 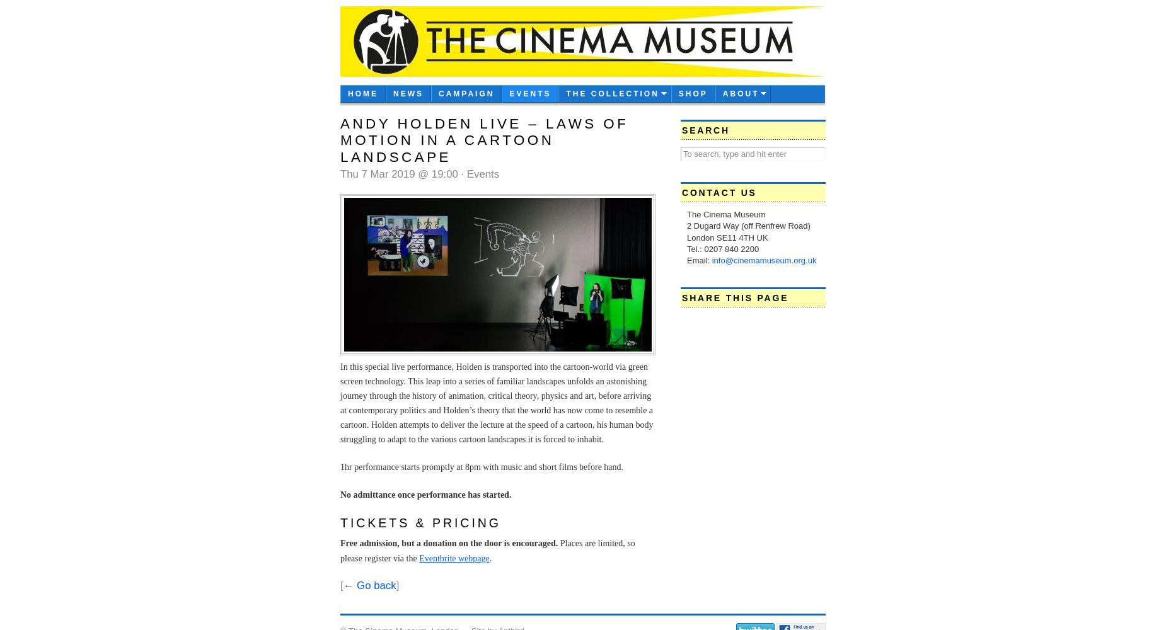 What do you see at coordinates (496, 403) in the screenshot?
I see `'In this special live performance, Holden is transported into the cartoon-world via green screen technology. This leap into a series of familiar landscapes unfolds an astonishing journey through the history of animation, critical theory, physics and art, before arriving at contemporary politics and Holden’s theory that the world has now come to resemble a cartoon. Holden attempts to deliver the lecture at the speed of a cartoon, his human body struggling to adapt to the various cartoon landscapes it is forced to inhabit.'` at bounding box center [496, 403].